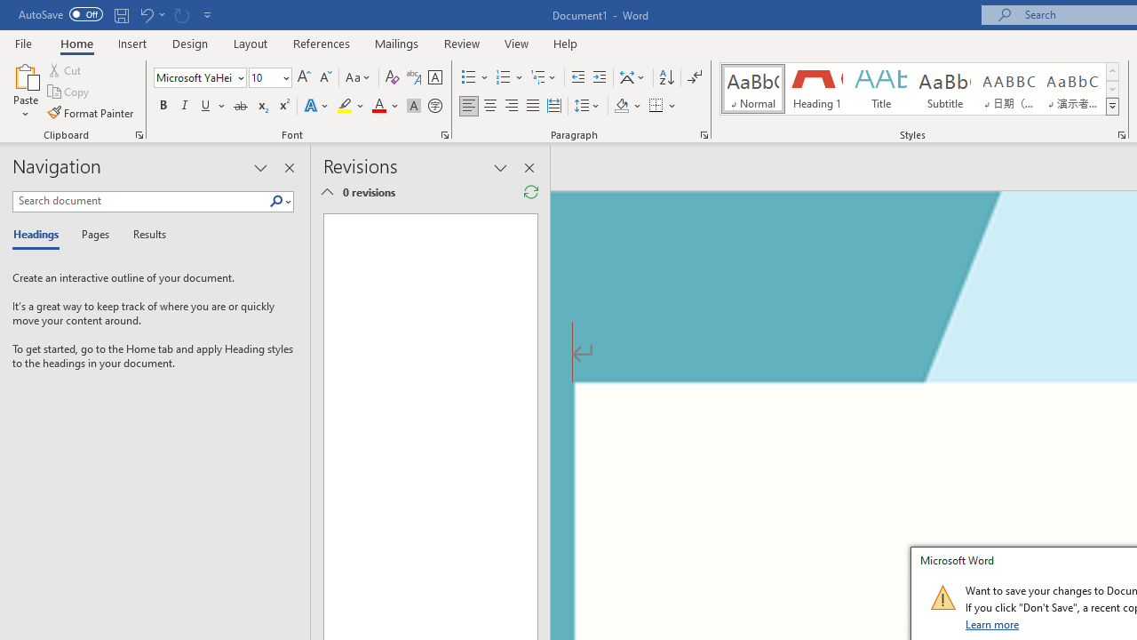  I want to click on 'Bullets', so click(475, 76).